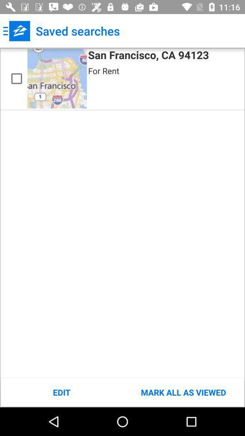 The width and height of the screenshot is (245, 436). What do you see at coordinates (16, 78) in the screenshot?
I see `the icon above edit icon` at bounding box center [16, 78].